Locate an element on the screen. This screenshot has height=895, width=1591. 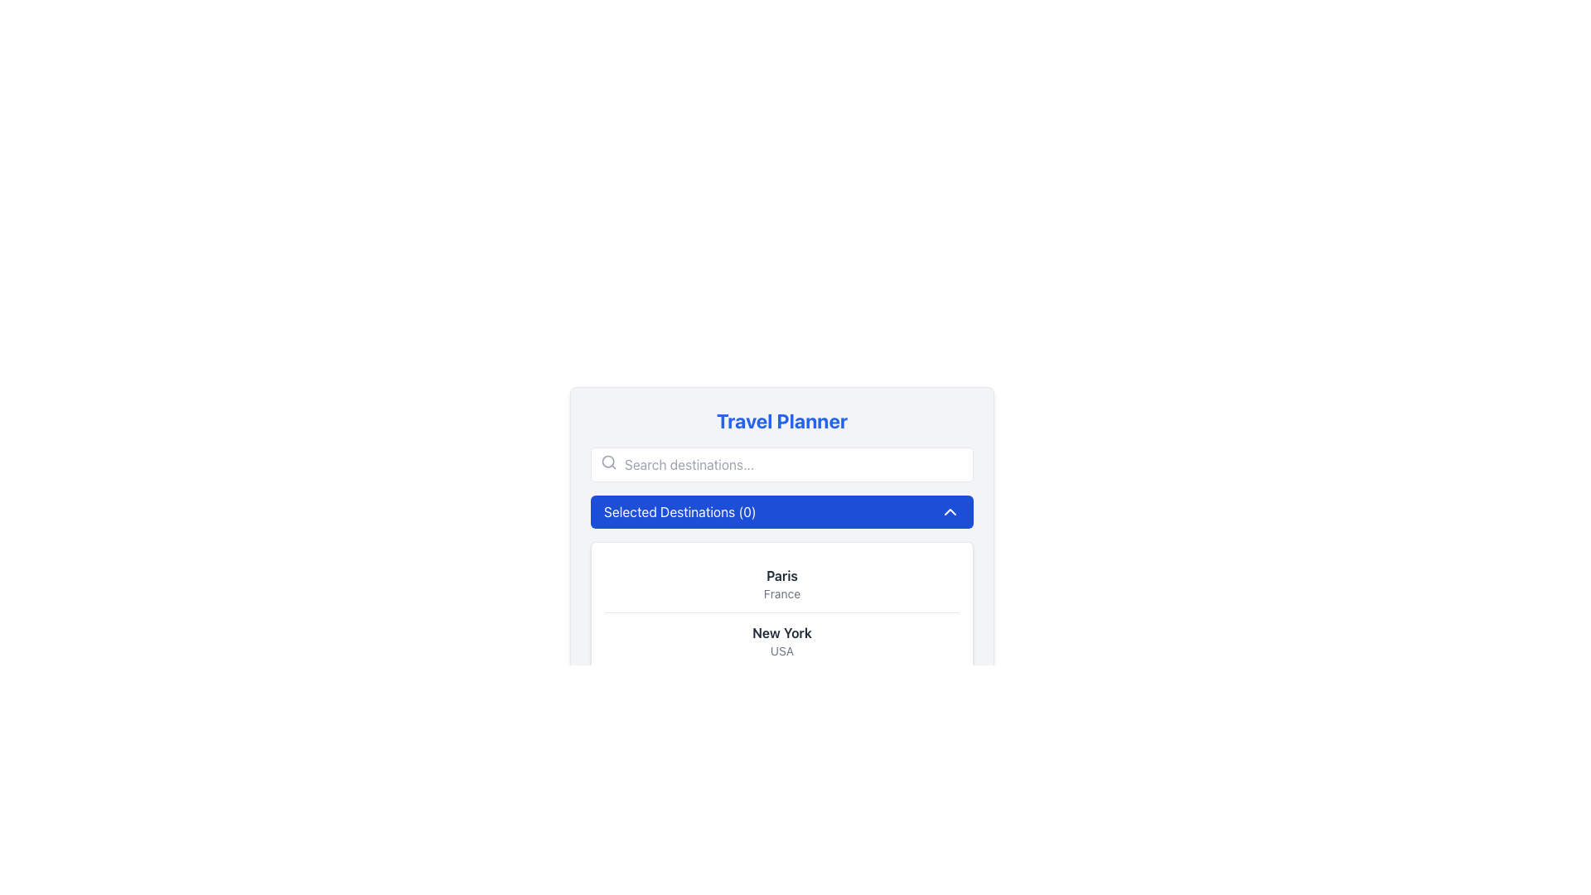
the chevron-up icon located on the rightmost side of the blue button labeled 'Selected Destinations (0)' is located at coordinates (950, 510).